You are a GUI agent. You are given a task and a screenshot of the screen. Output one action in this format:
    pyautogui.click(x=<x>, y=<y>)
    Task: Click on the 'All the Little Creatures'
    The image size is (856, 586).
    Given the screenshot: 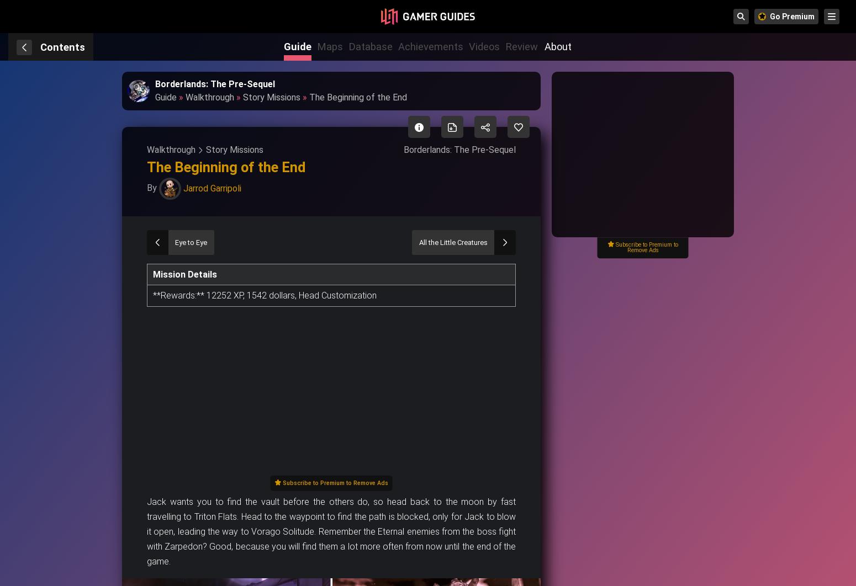 What is the action you would take?
    pyautogui.click(x=452, y=242)
    